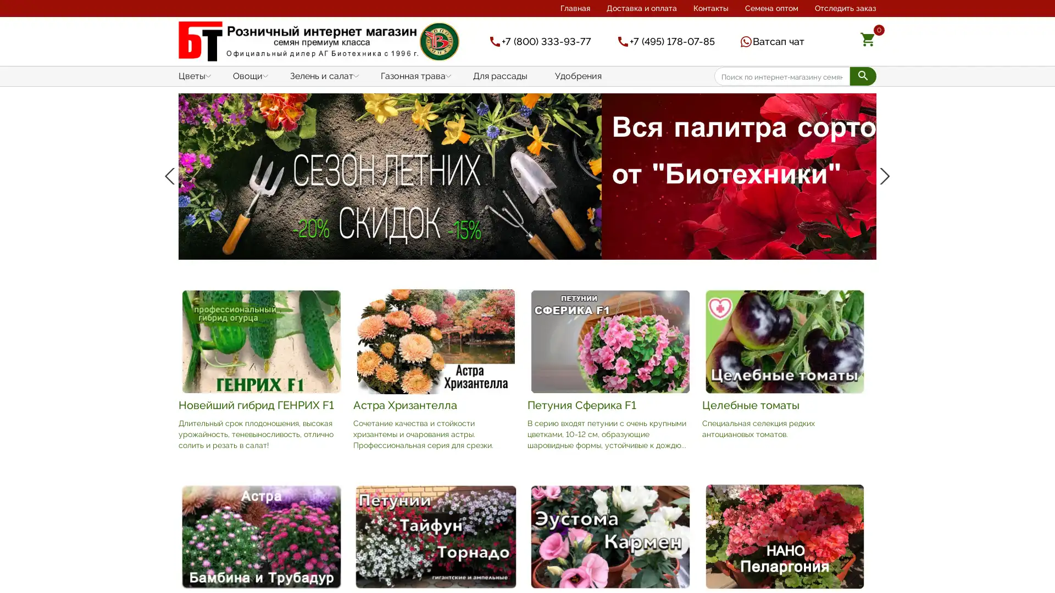 Image resolution: width=1055 pixels, height=593 pixels. I want to click on search, so click(862, 75).